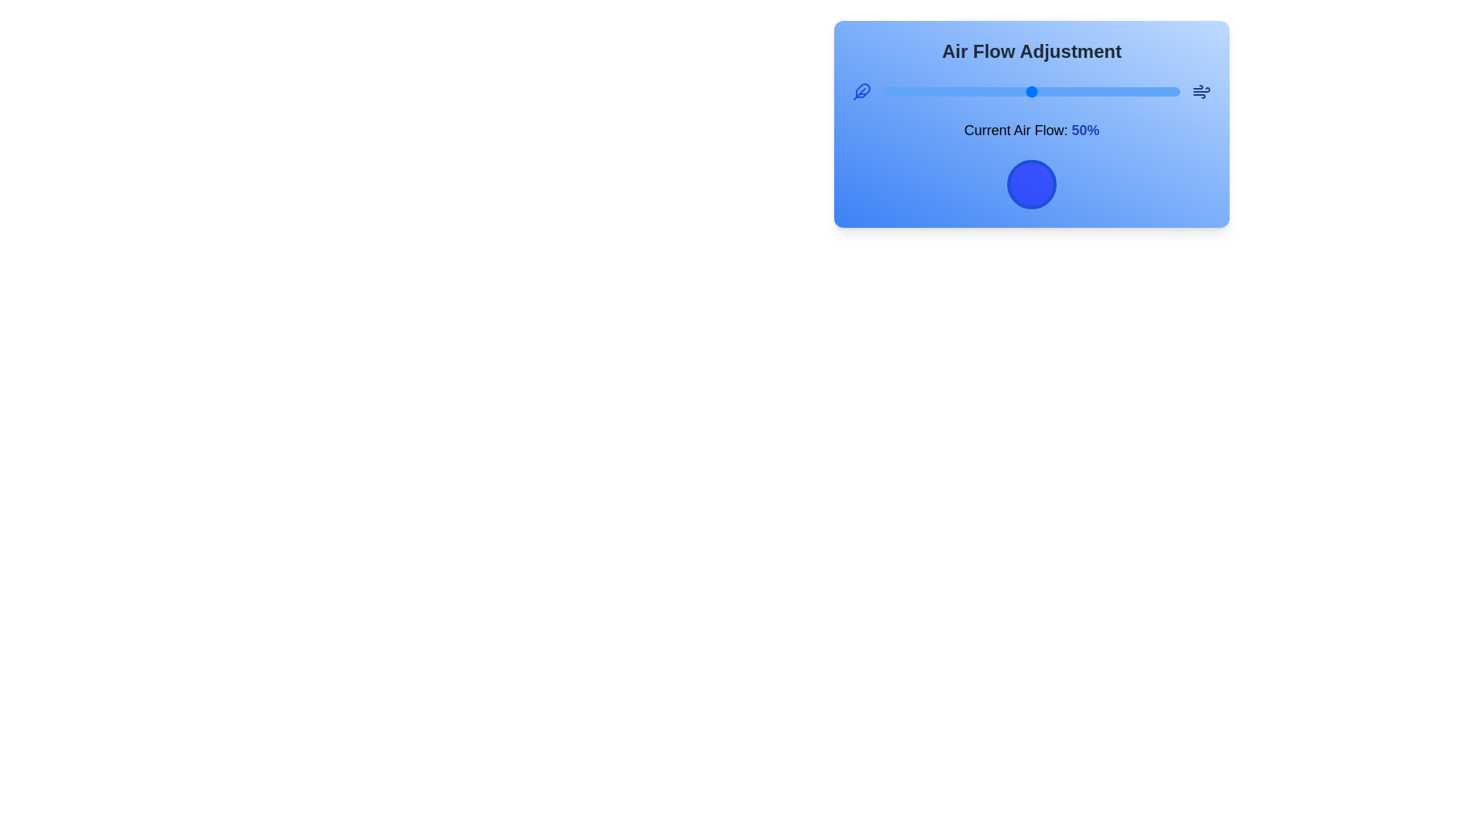 This screenshot has width=1483, height=834. Describe the element at coordinates (1044, 92) in the screenshot. I see `the air flow to 54% using the slider` at that location.